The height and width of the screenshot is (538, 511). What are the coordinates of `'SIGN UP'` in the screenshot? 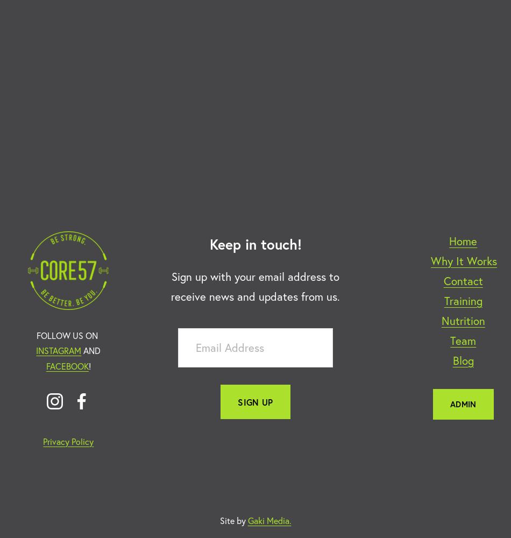 It's located at (254, 401).